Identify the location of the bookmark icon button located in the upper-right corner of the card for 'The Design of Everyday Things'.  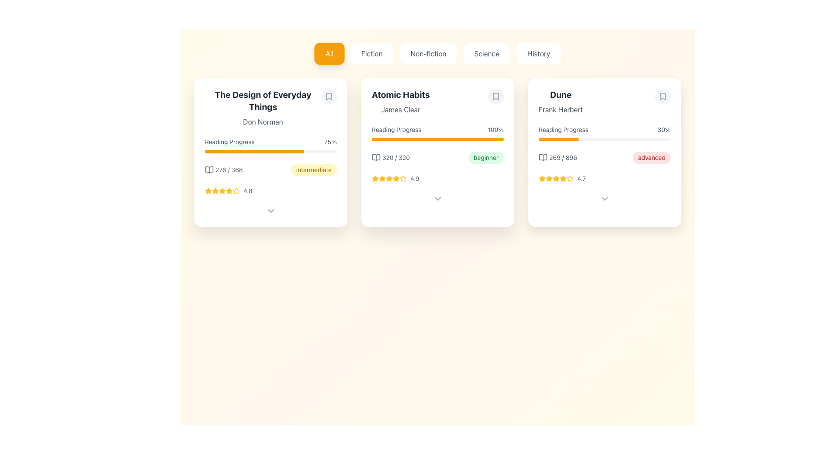
(329, 96).